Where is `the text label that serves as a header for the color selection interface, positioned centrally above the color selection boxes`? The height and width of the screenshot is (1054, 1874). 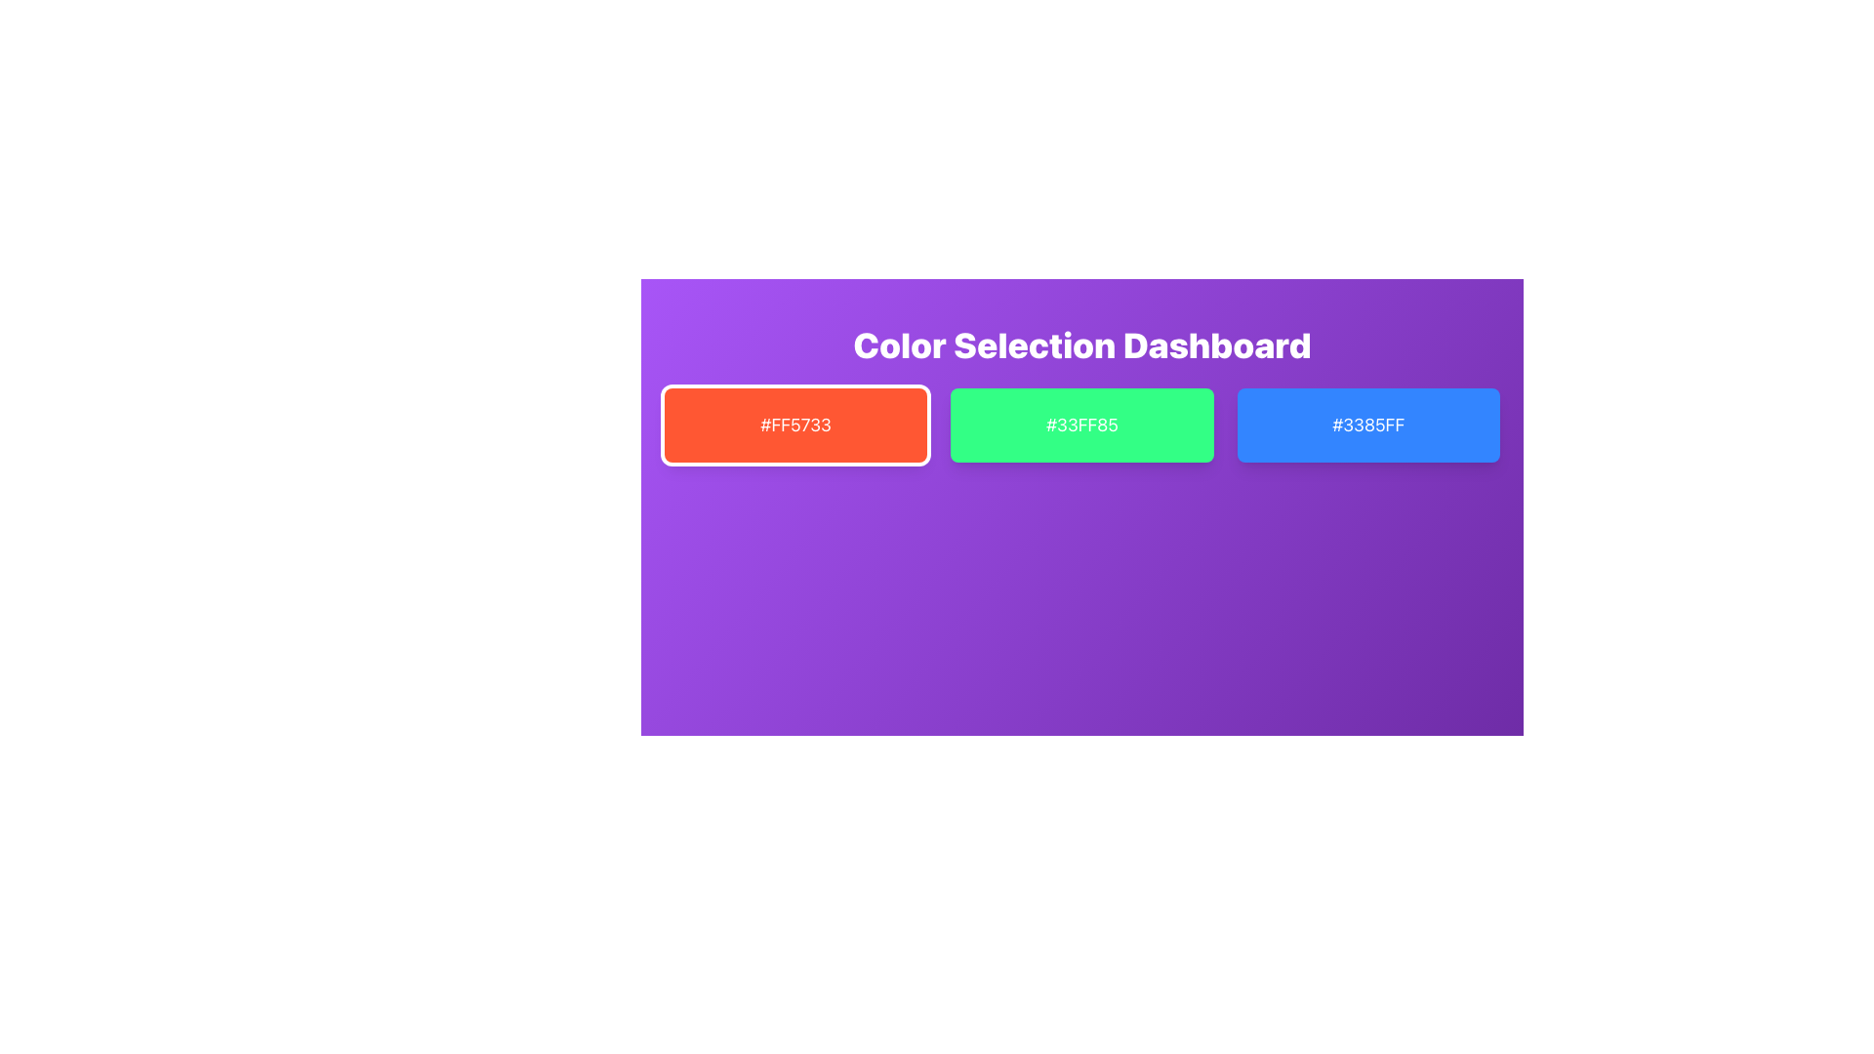 the text label that serves as a header for the color selection interface, positioned centrally above the color selection boxes is located at coordinates (1080, 345).